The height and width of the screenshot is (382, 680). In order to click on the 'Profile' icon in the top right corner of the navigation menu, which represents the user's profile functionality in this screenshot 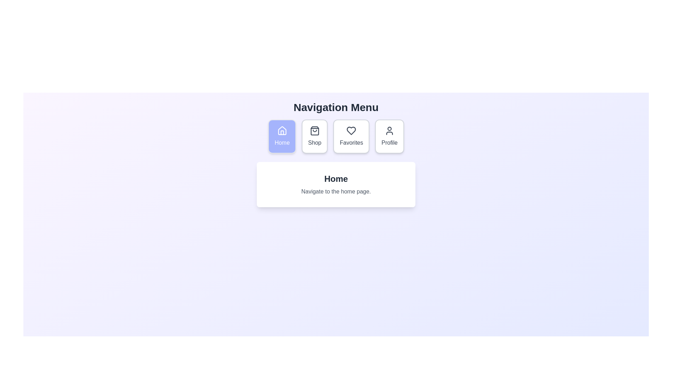, I will do `click(389, 131)`.